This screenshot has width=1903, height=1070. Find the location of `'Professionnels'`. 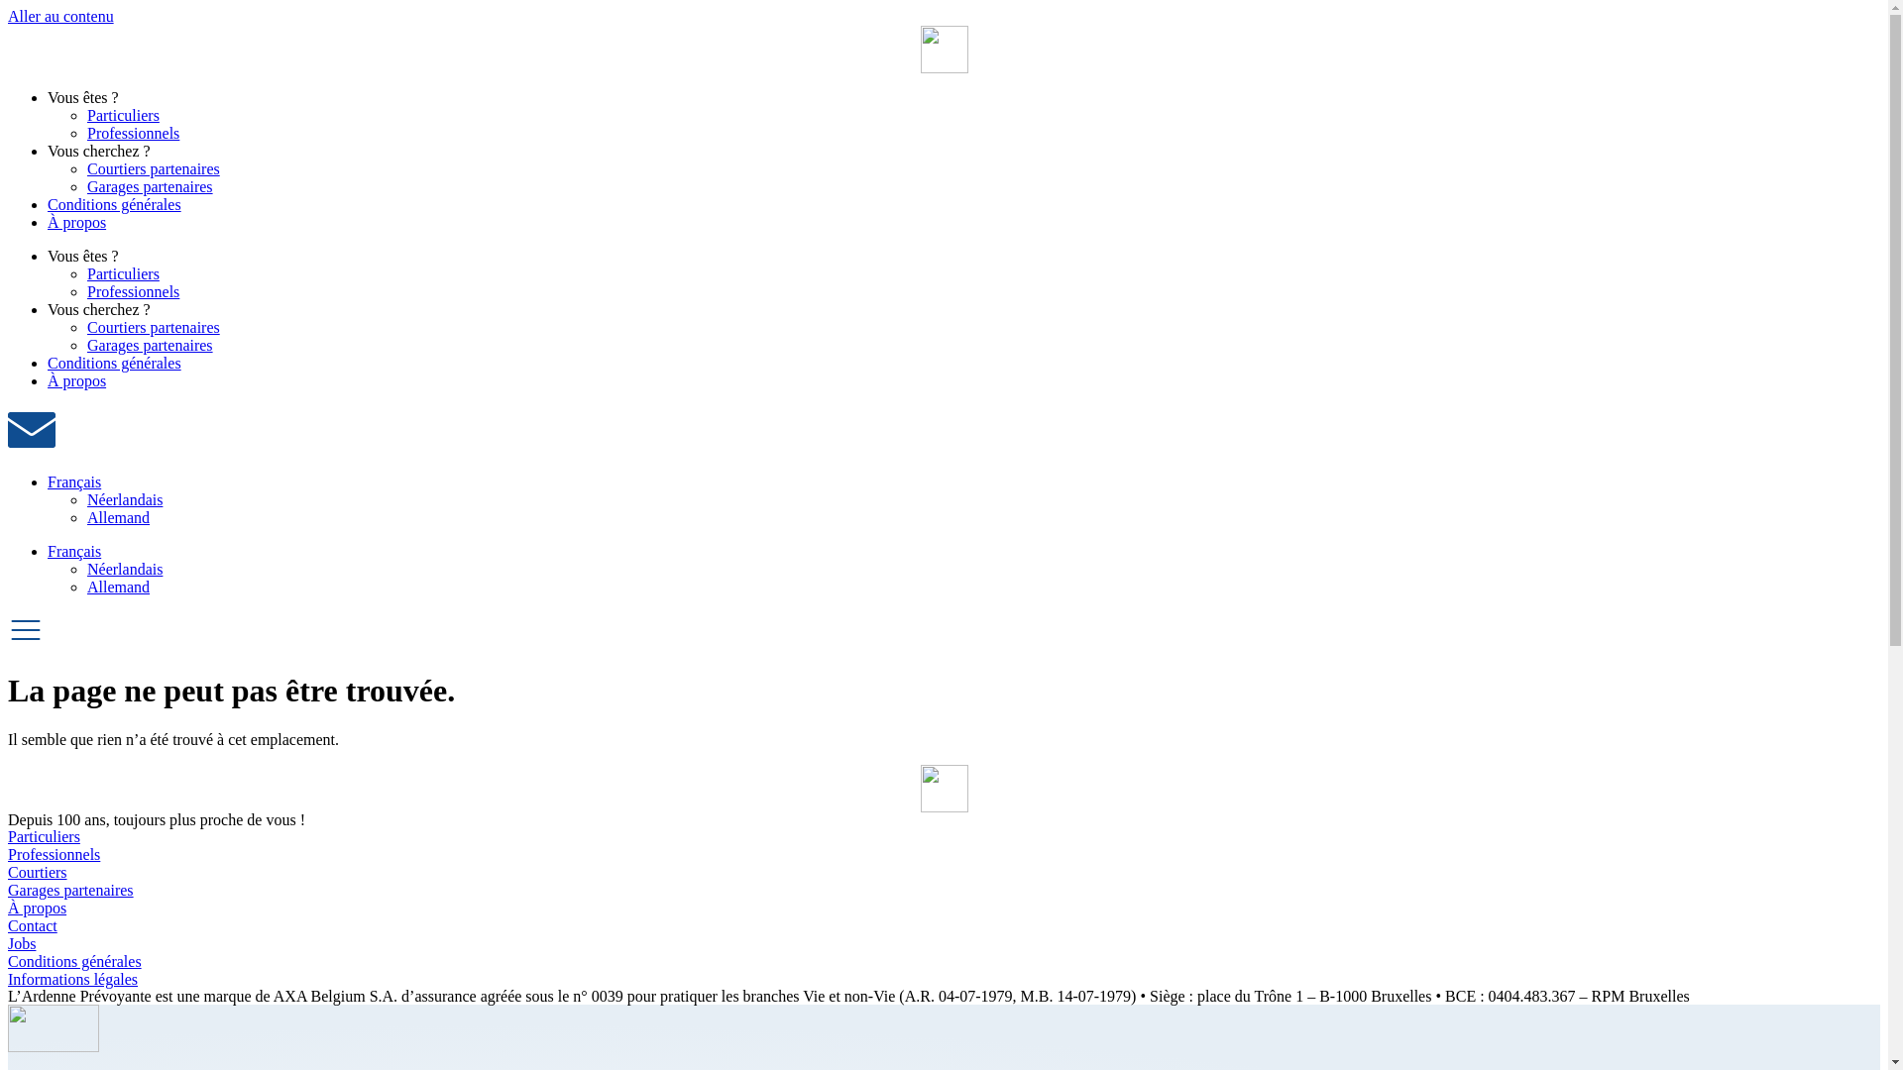

'Professionnels' is located at coordinates (132, 133).